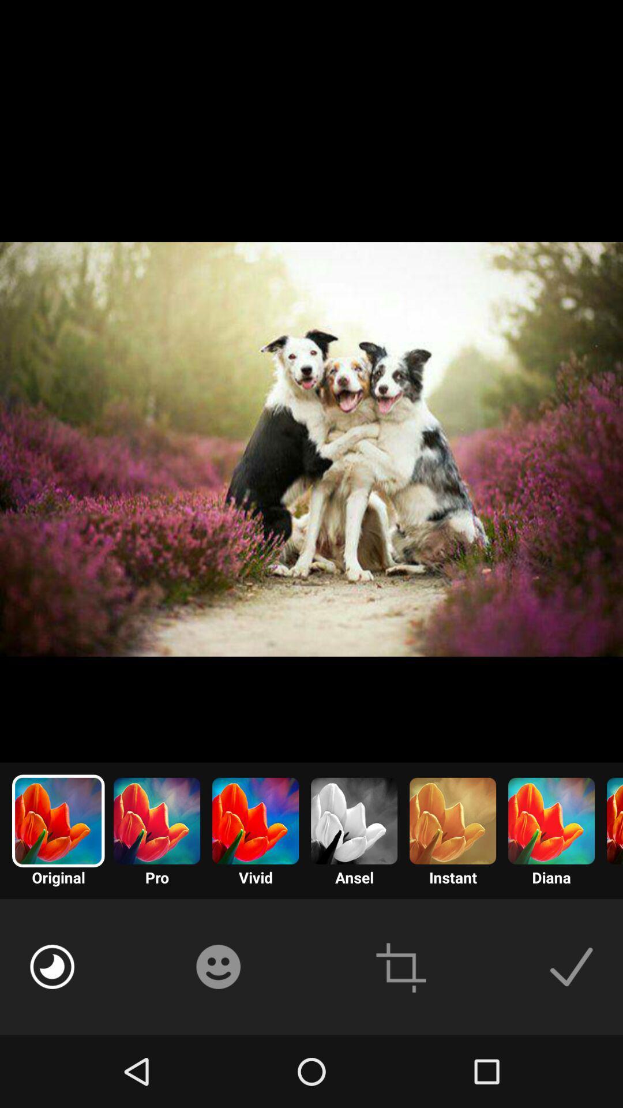 This screenshot has height=1108, width=623. What do you see at coordinates (400, 967) in the screenshot?
I see `crop image option` at bounding box center [400, 967].